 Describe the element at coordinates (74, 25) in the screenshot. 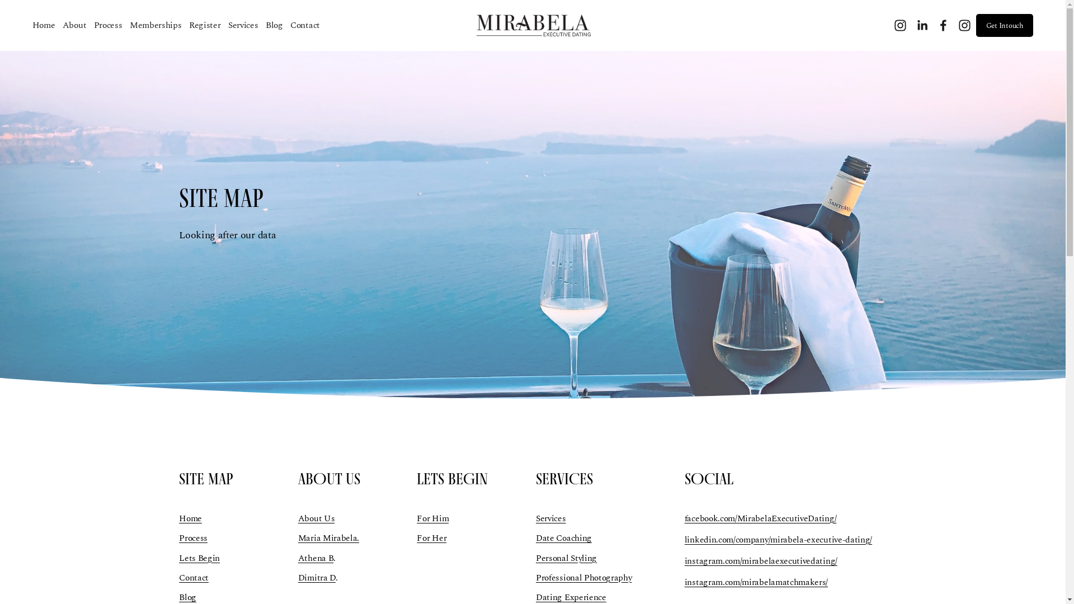

I see `'About'` at that location.